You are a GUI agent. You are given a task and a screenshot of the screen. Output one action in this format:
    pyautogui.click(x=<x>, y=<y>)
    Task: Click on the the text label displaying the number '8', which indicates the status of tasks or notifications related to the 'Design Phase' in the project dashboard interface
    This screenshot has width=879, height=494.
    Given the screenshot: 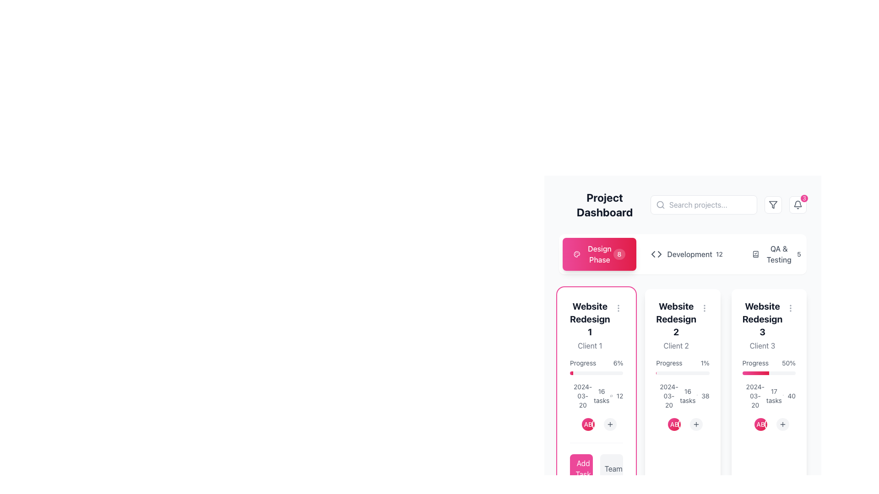 What is the action you would take?
    pyautogui.click(x=619, y=254)
    